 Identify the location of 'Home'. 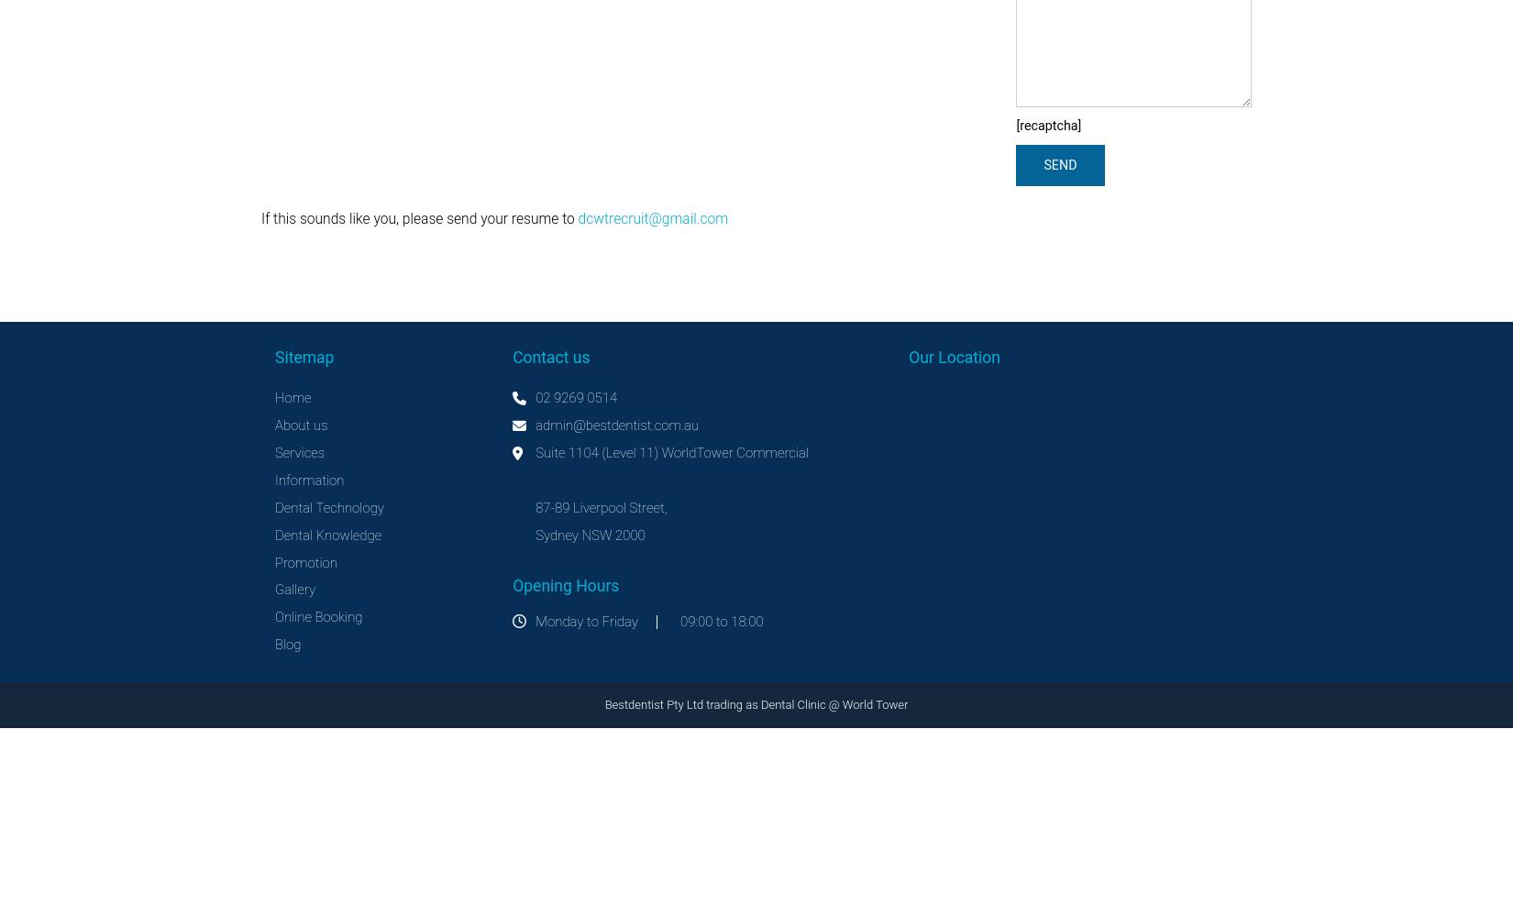
(293, 398).